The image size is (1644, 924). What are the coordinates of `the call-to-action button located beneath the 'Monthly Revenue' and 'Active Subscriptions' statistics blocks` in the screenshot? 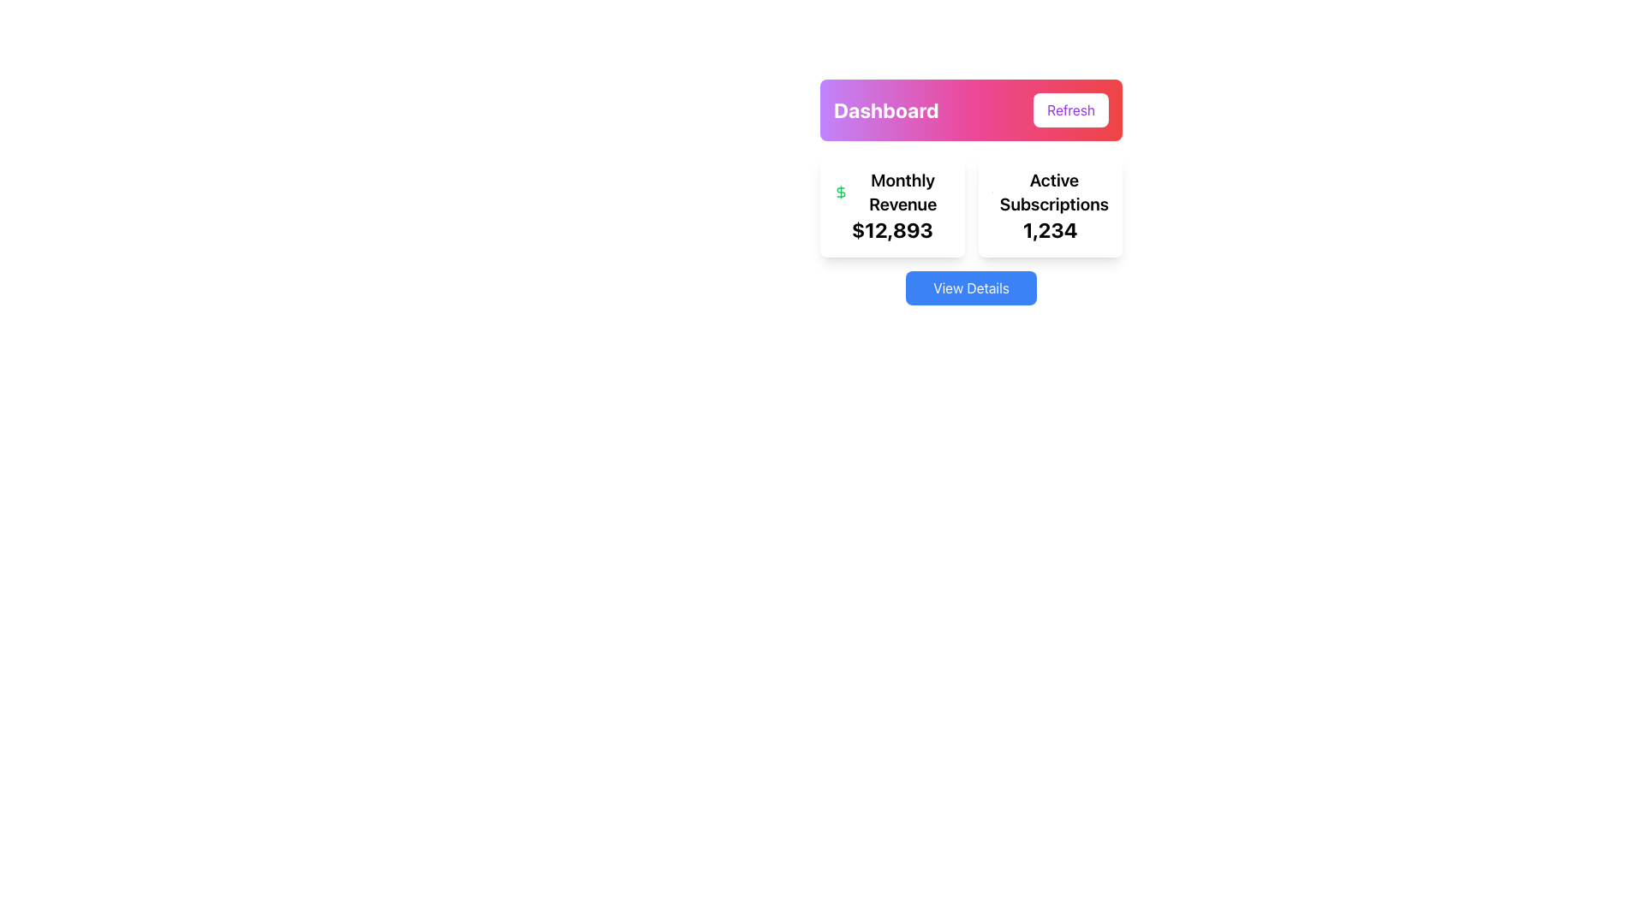 It's located at (971, 287).